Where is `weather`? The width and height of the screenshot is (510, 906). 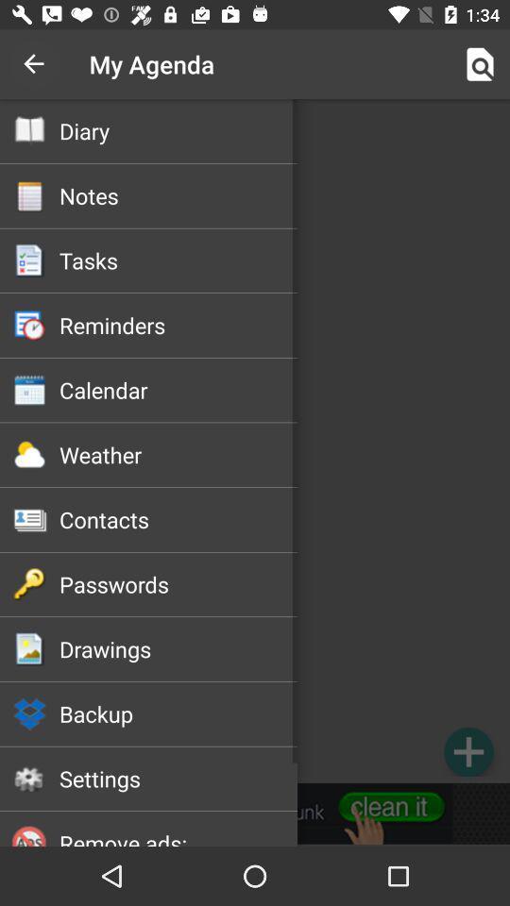 weather is located at coordinates (178, 454).